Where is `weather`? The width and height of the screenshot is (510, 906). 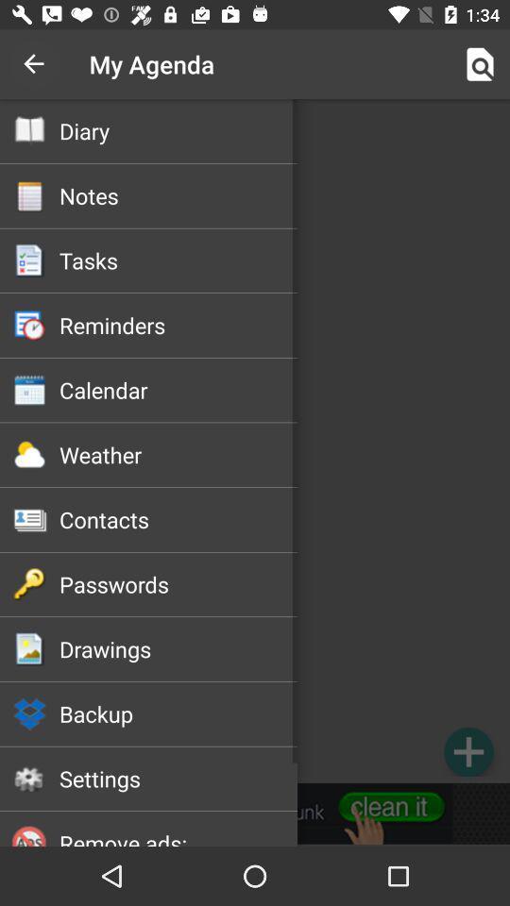 weather is located at coordinates (178, 454).